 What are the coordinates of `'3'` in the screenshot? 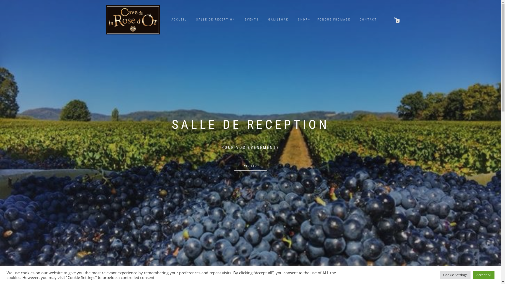 It's located at (250, 273).